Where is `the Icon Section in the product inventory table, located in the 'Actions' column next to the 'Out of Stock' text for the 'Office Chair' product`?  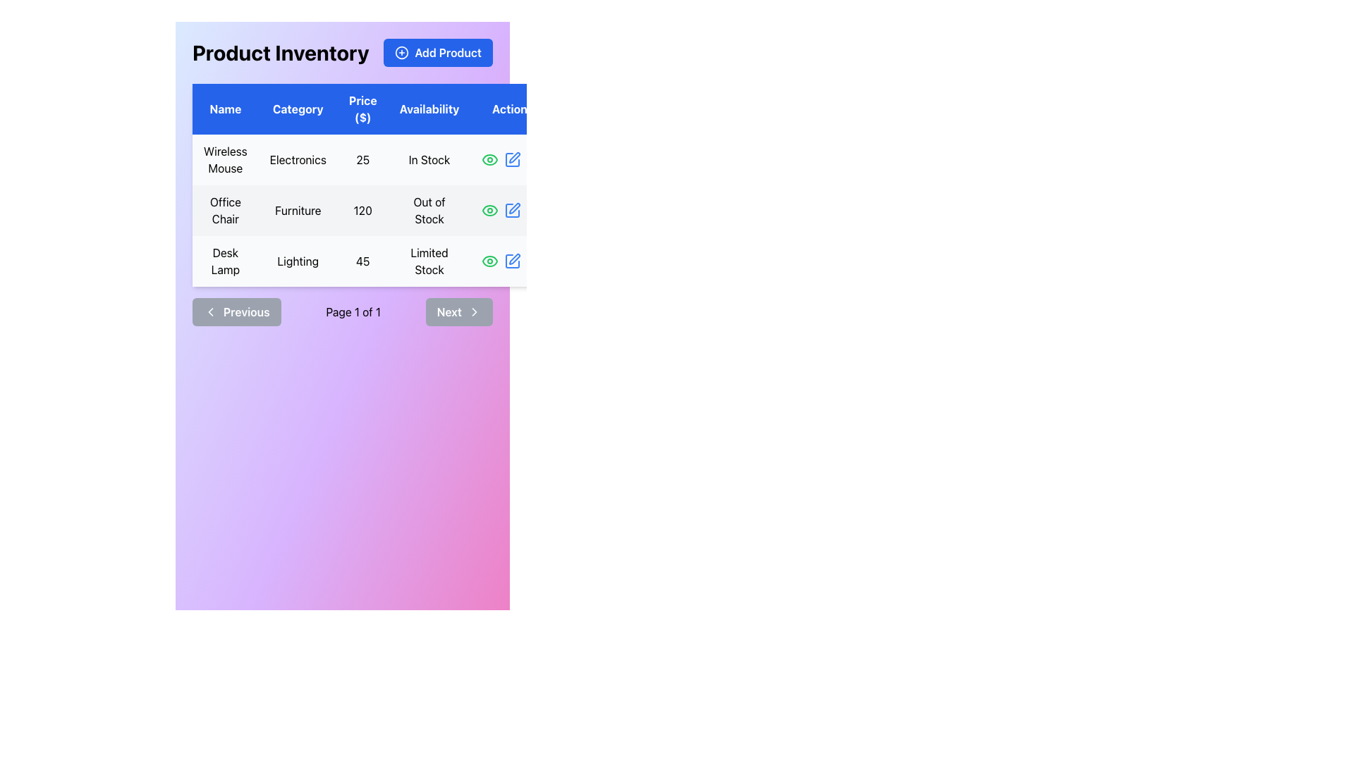 the Icon Section in the product inventory table, located in the 'Actions' column next to the 'Out of Stock' text for the 'Office Chair' product is located at coordinates (512, 211).